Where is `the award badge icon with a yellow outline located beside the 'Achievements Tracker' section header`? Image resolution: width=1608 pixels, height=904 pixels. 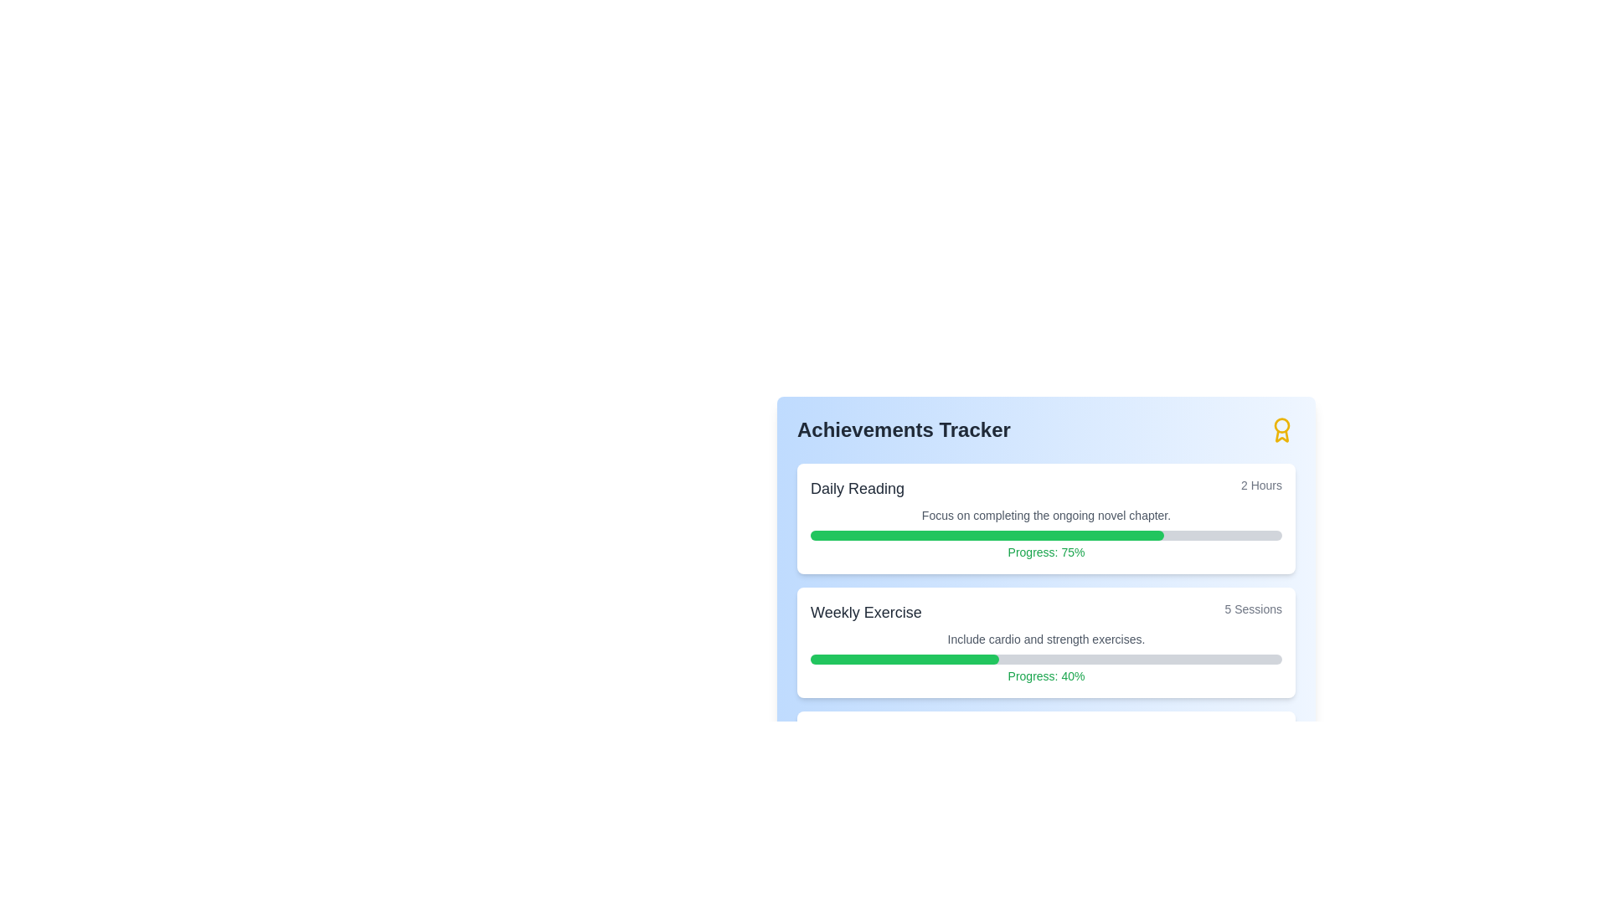
the award badge icon with a yellow outline located beside the 'Achievements Tracker' section header is located at coordinates (1281, 429).